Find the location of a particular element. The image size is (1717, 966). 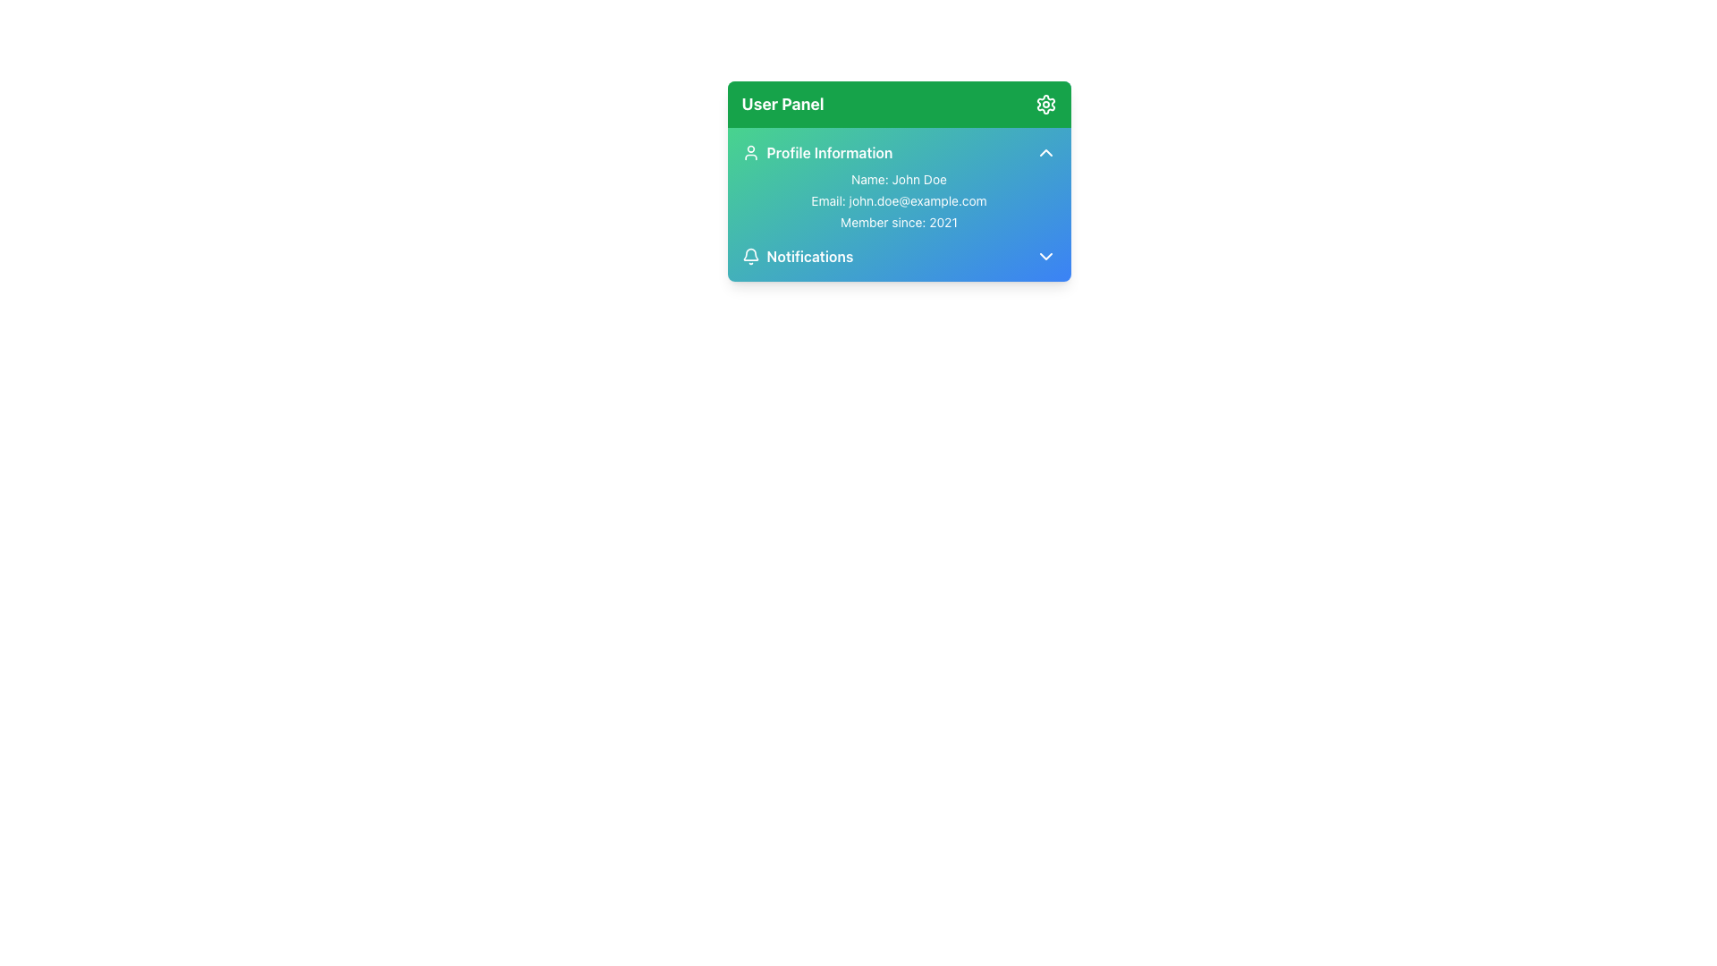

the 'Notifications' text label, which is displayed in bold white font against a gradient blue-green background, located in the lower section of the 'User Panel' card component is located at coordinates (808, 256).